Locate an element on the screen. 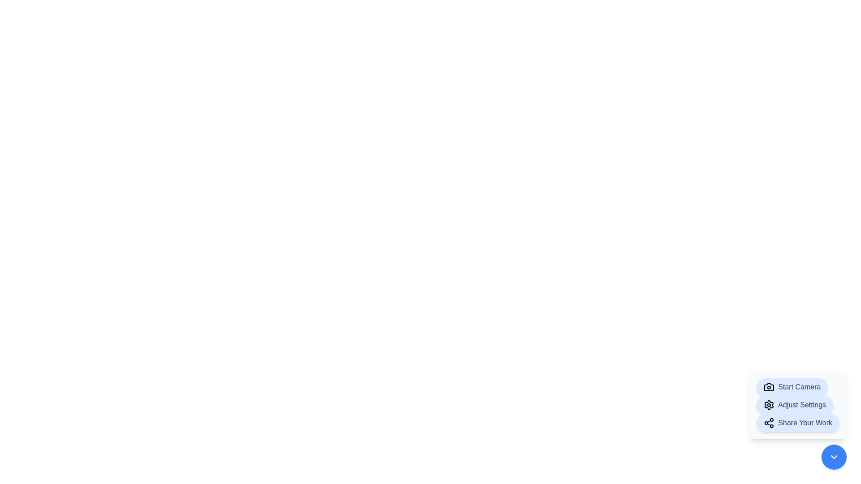 Image resolution: width=861 pixels, height=484 pixels. the camera icon representing the 'Start Camera' button located in the bottom-right corner of the interface is located at coordinates (769, 387).